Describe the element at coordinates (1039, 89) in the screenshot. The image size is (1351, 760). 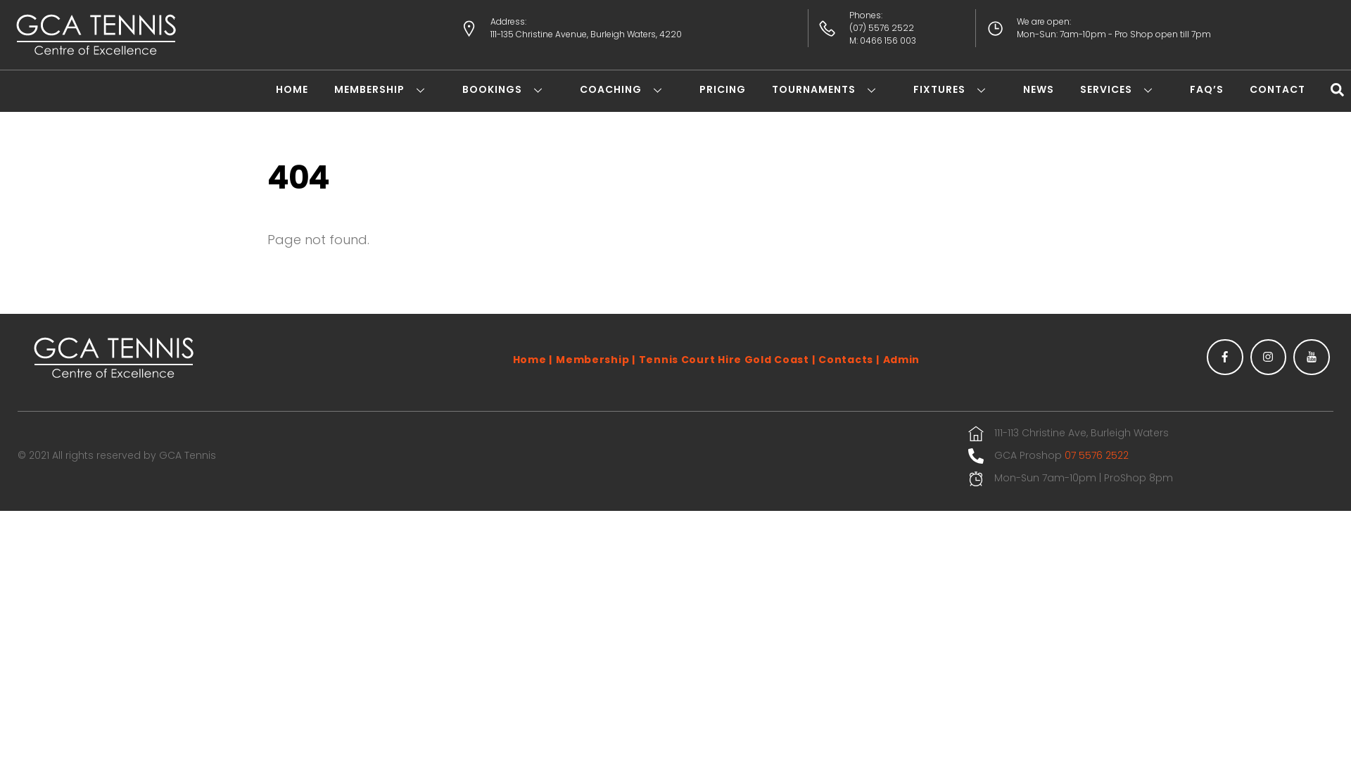
I see `'NEWS'` at that location.